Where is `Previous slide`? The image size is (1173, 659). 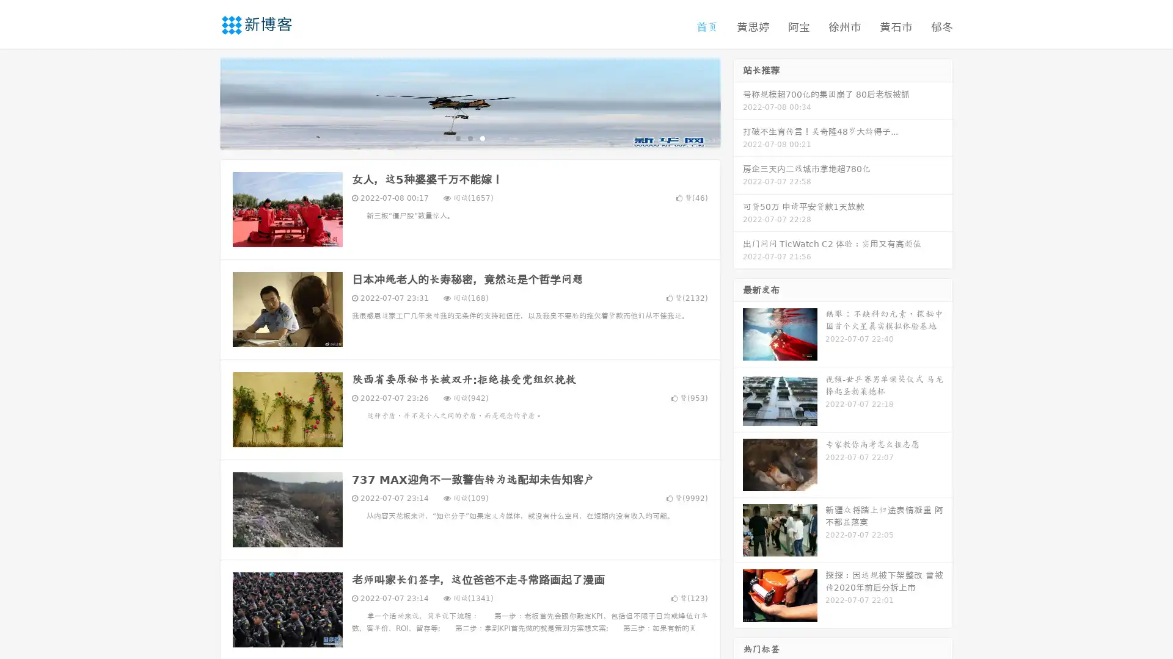
Previous slide is located at coordinates (202, 103).